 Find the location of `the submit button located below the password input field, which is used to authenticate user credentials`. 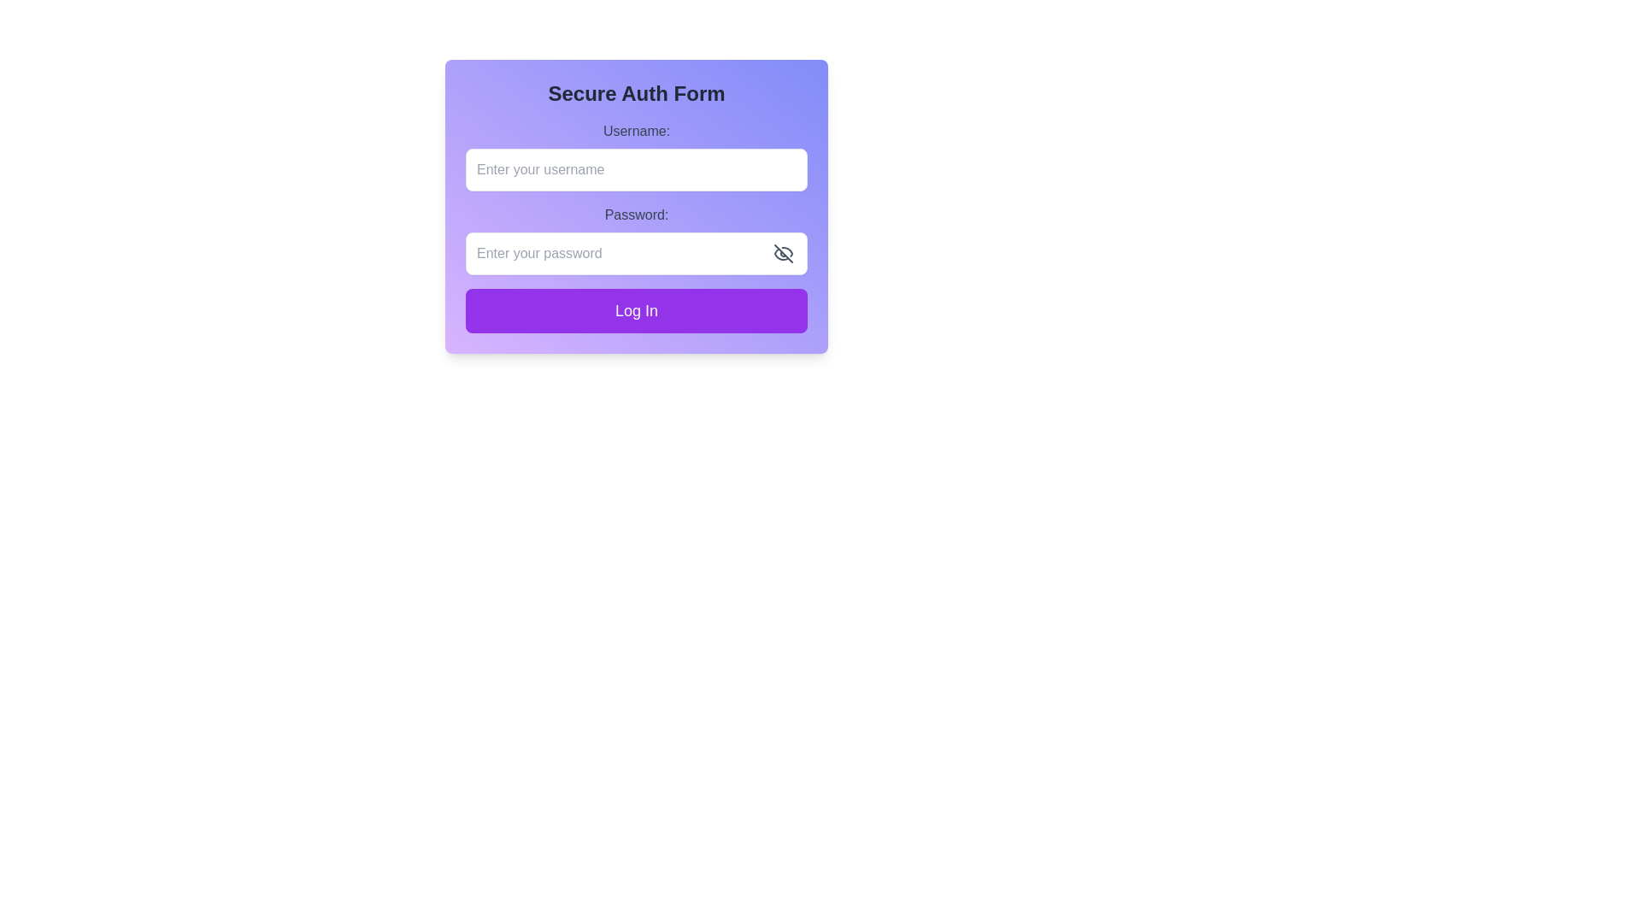

the submit button located below the password input field, which is used to authenticate user credentials is located at coordinates (635, 310).